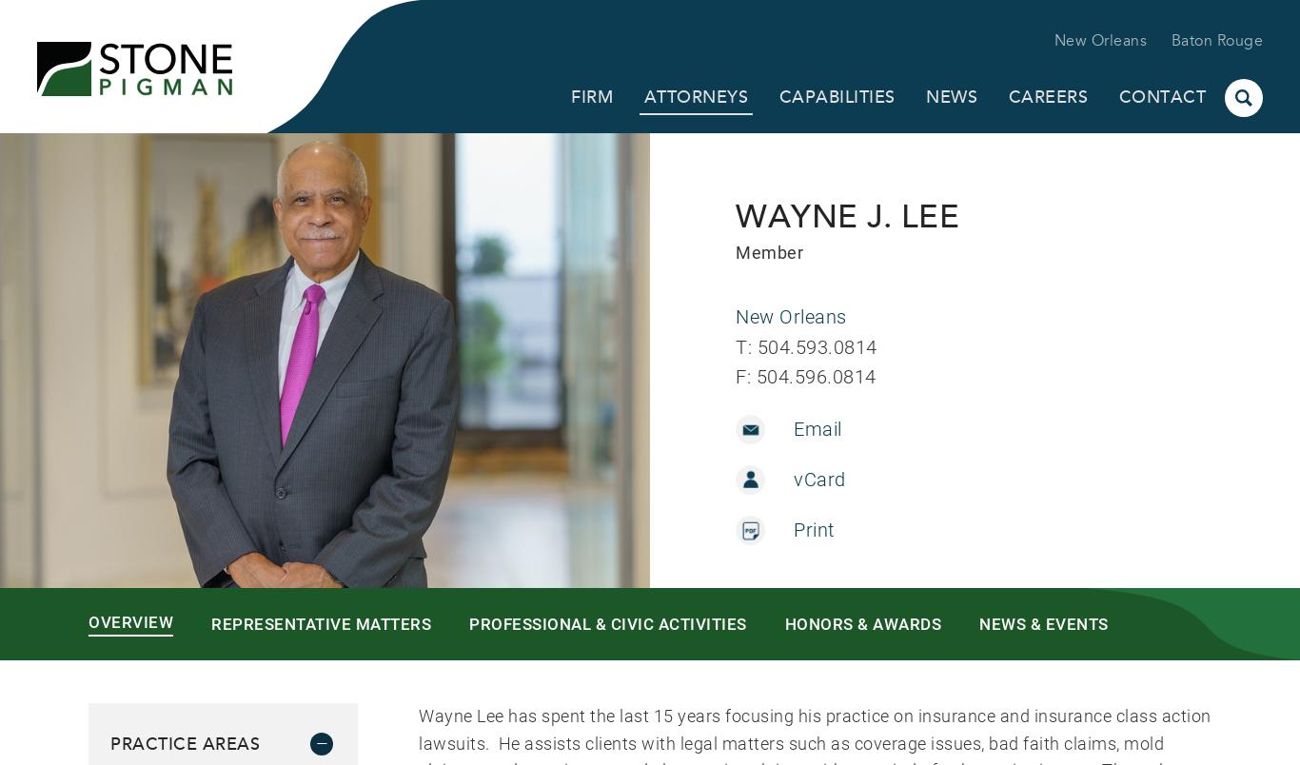 The height and width of the screenshot is (765, 1300). I want to click on 'News & Events', so click(978, 622).